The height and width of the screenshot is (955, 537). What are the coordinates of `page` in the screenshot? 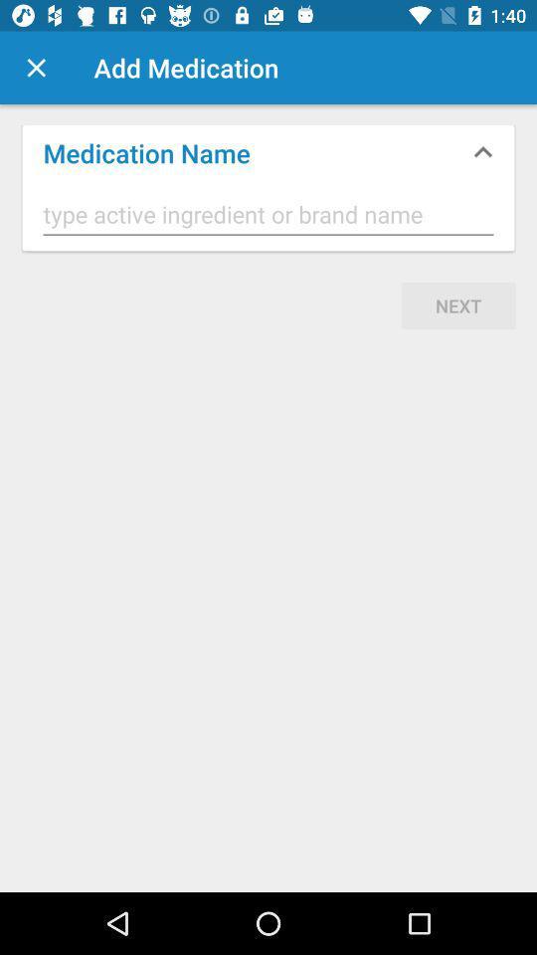 It's located at (36, 68).